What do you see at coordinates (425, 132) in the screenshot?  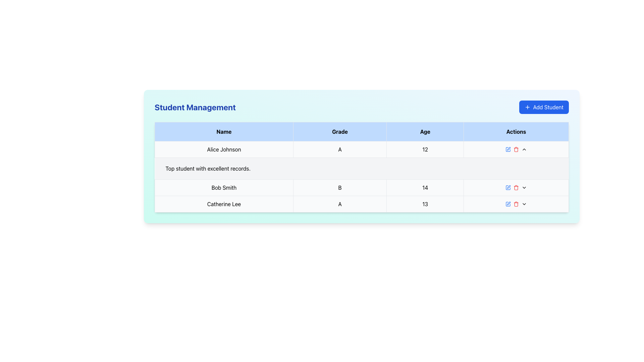 I see `the 'Age' column header cell in the table, which is the third header following 'Name' and 'Grade', and before 'Actions'` at bounding box center [425, 132].